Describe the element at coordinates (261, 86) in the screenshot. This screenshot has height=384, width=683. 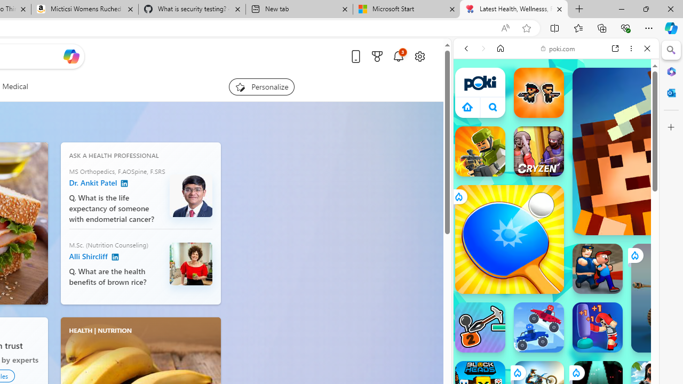
I see `'Personalize your feed"'` at that location.